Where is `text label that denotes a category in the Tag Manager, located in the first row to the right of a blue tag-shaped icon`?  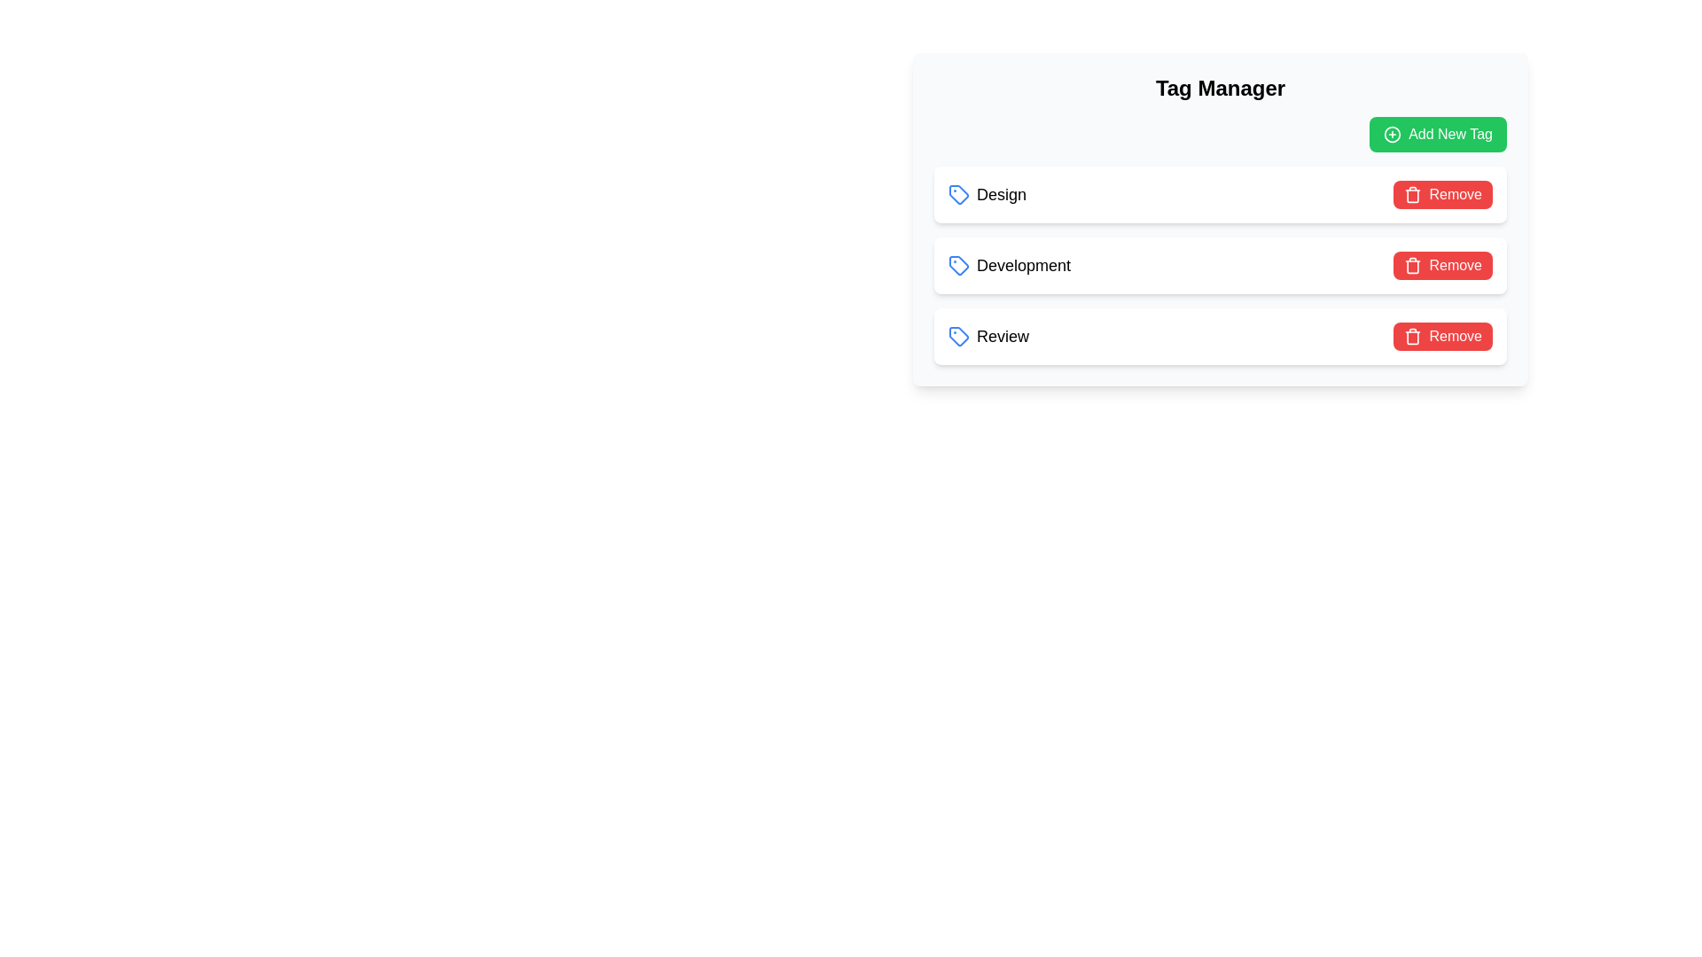
text label that denotes a category in the Tag Manager, located in the first row to the right of a blue tag-shaped icon is located at coordinates (1002, 194).